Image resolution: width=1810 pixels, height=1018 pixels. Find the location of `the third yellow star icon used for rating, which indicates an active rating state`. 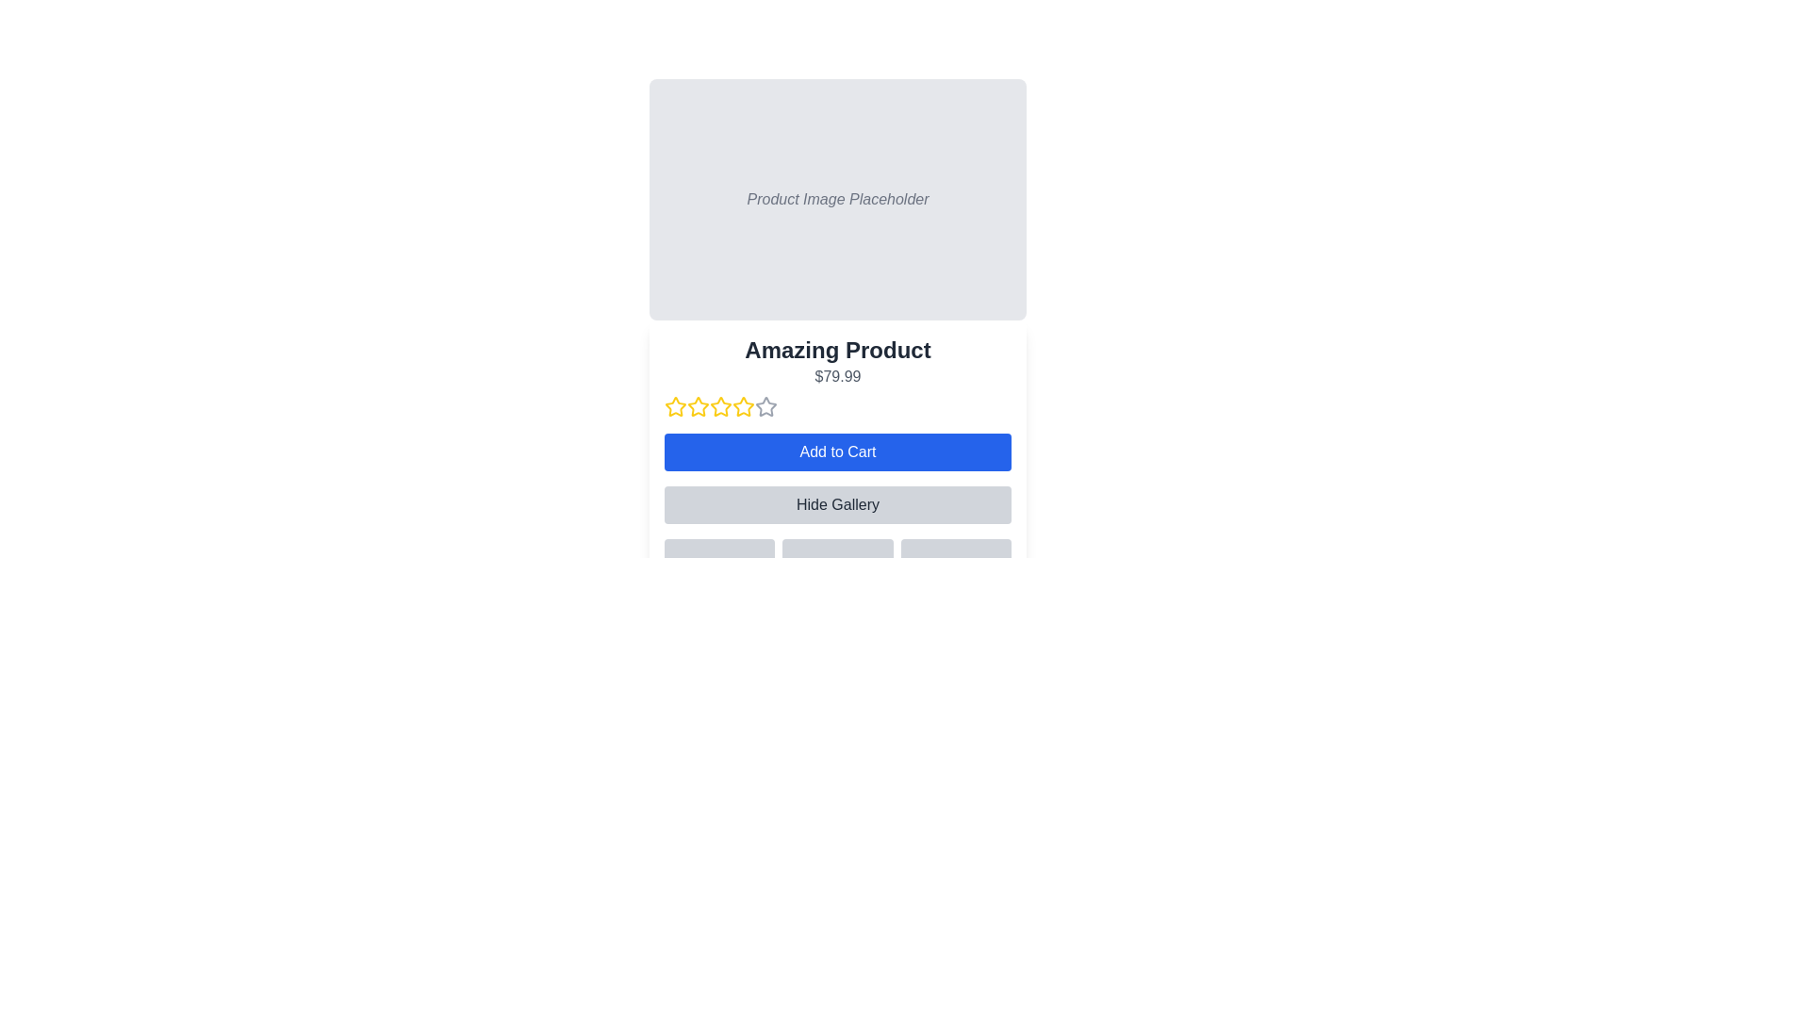

the third yellow star icon used for rating, which indicates an active rating state is located at coordinates (697, 406).